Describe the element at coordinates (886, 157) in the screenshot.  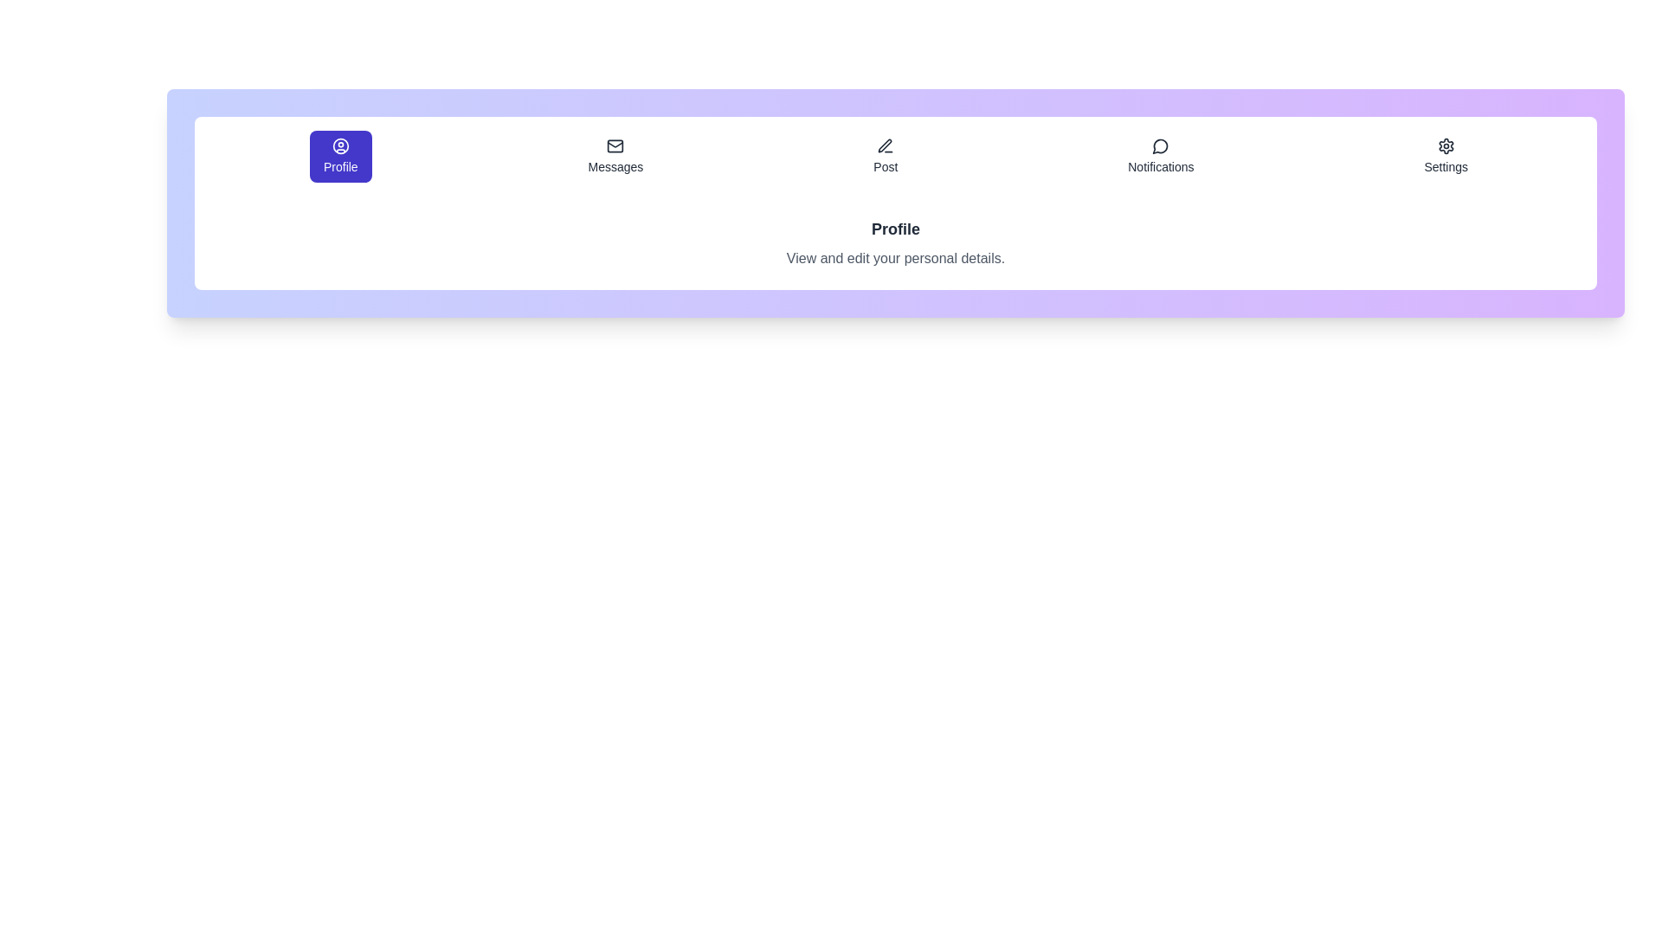
I see `the Post tab by clicking on its button` at that location.